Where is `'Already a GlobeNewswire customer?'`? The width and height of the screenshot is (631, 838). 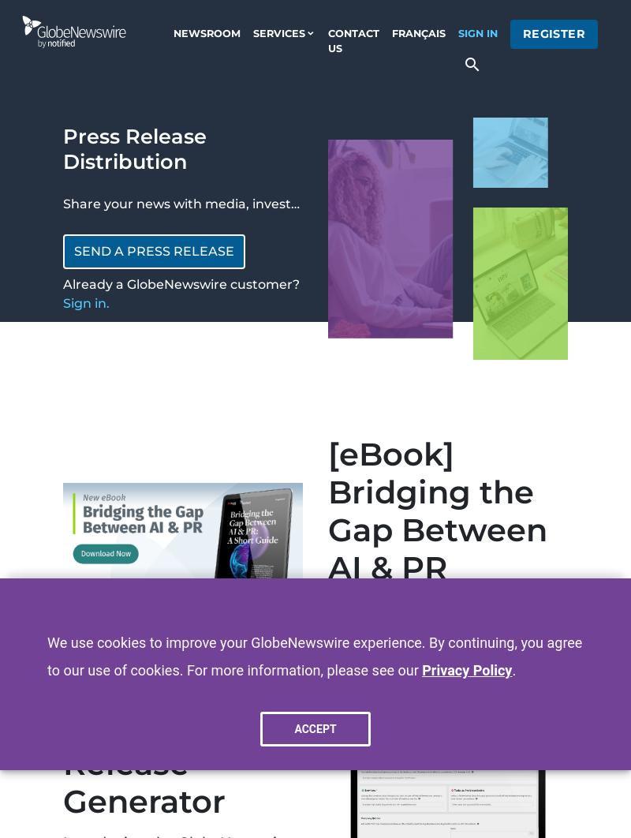
'Already a GlobeNewswire customer?' is located at coordinates (63, 283).